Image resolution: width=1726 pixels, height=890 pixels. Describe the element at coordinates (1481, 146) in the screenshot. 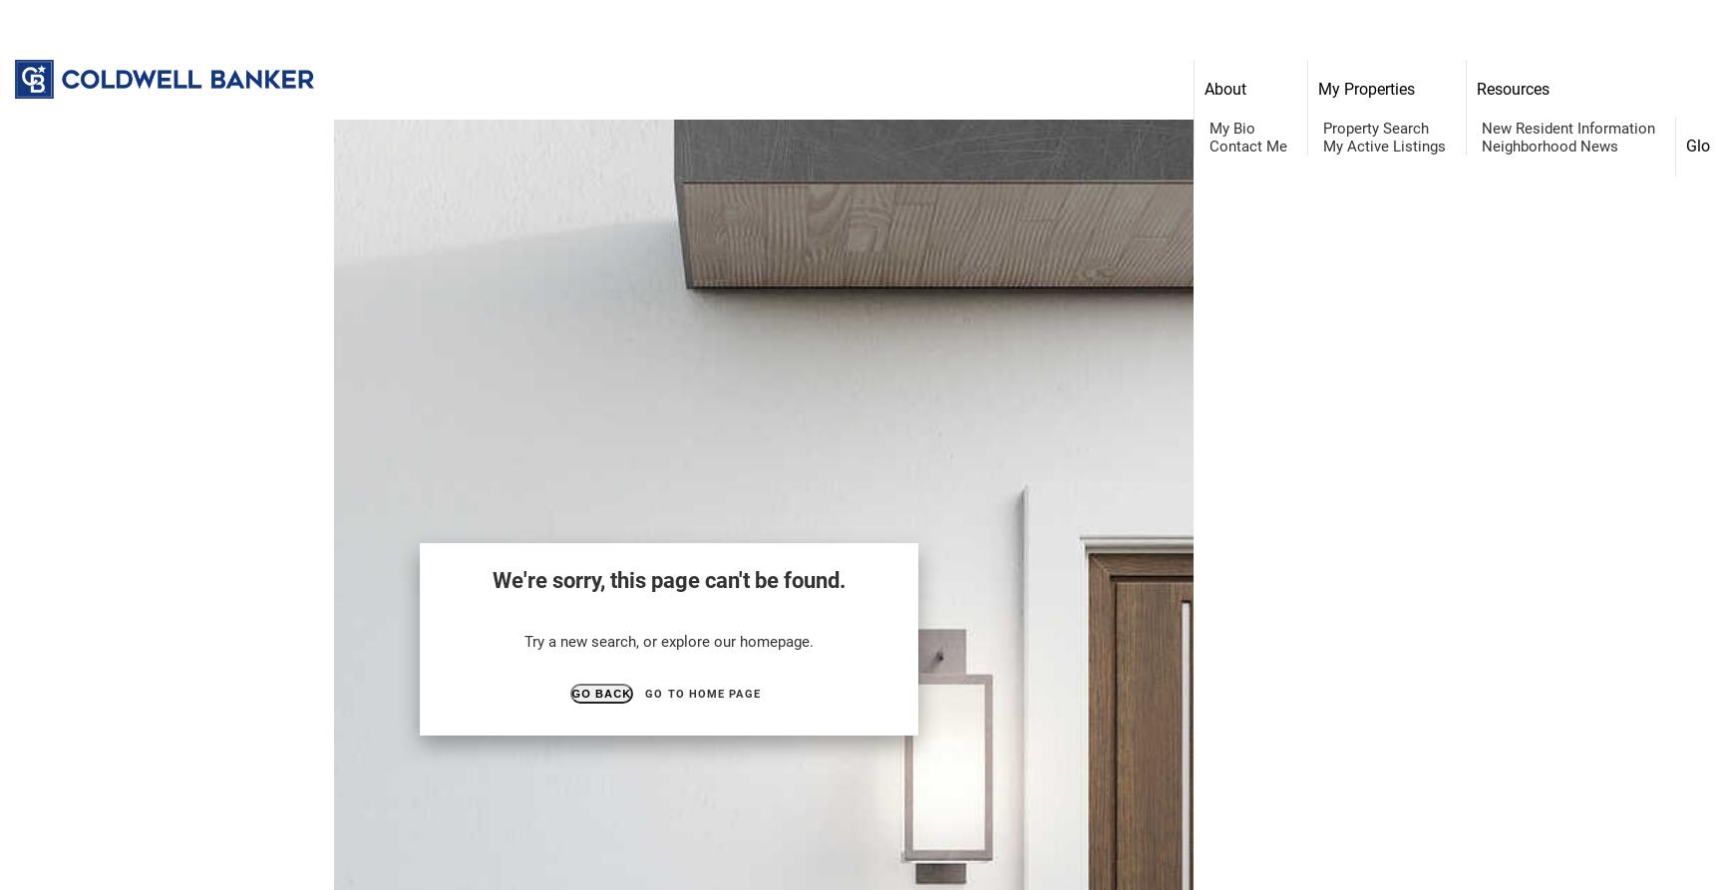

I see `'Neighborhood News'` at that location.